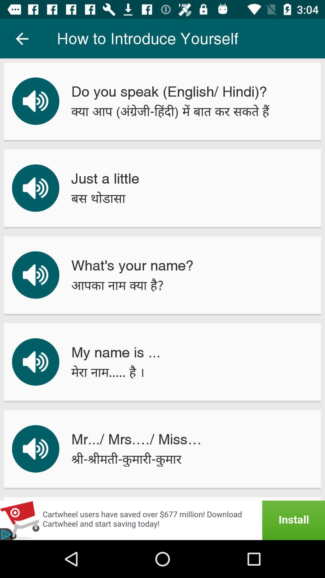  Describe the element at coordinates (117, 285) in the screenshot. I see `icon below what s your` at that location.